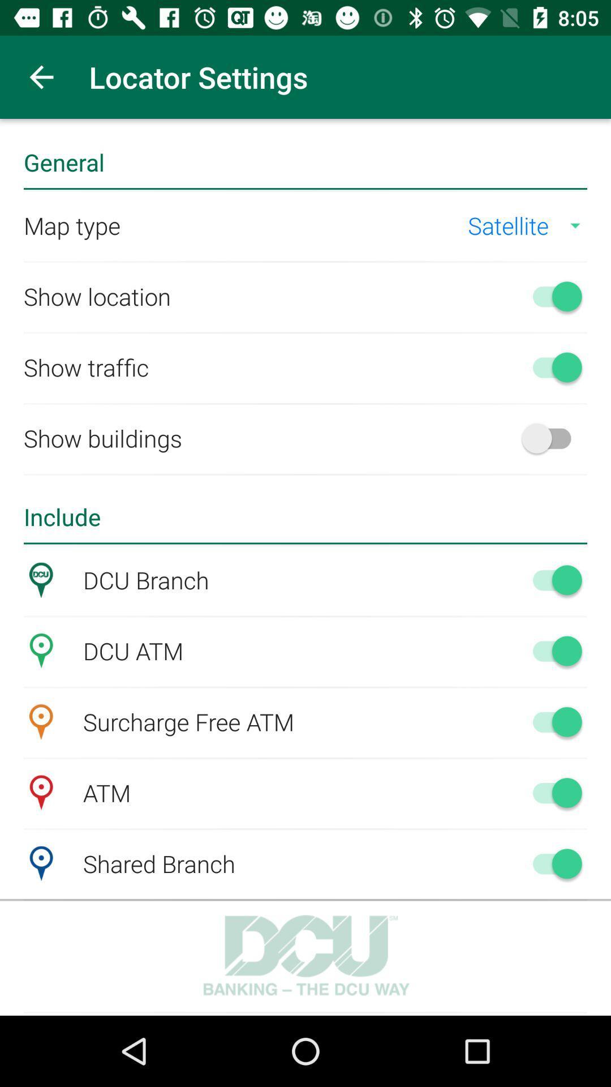  What do you see at coordinates (551, 367) in the screenshot?
I see `show traffic option` at bounding box center [551, 367].